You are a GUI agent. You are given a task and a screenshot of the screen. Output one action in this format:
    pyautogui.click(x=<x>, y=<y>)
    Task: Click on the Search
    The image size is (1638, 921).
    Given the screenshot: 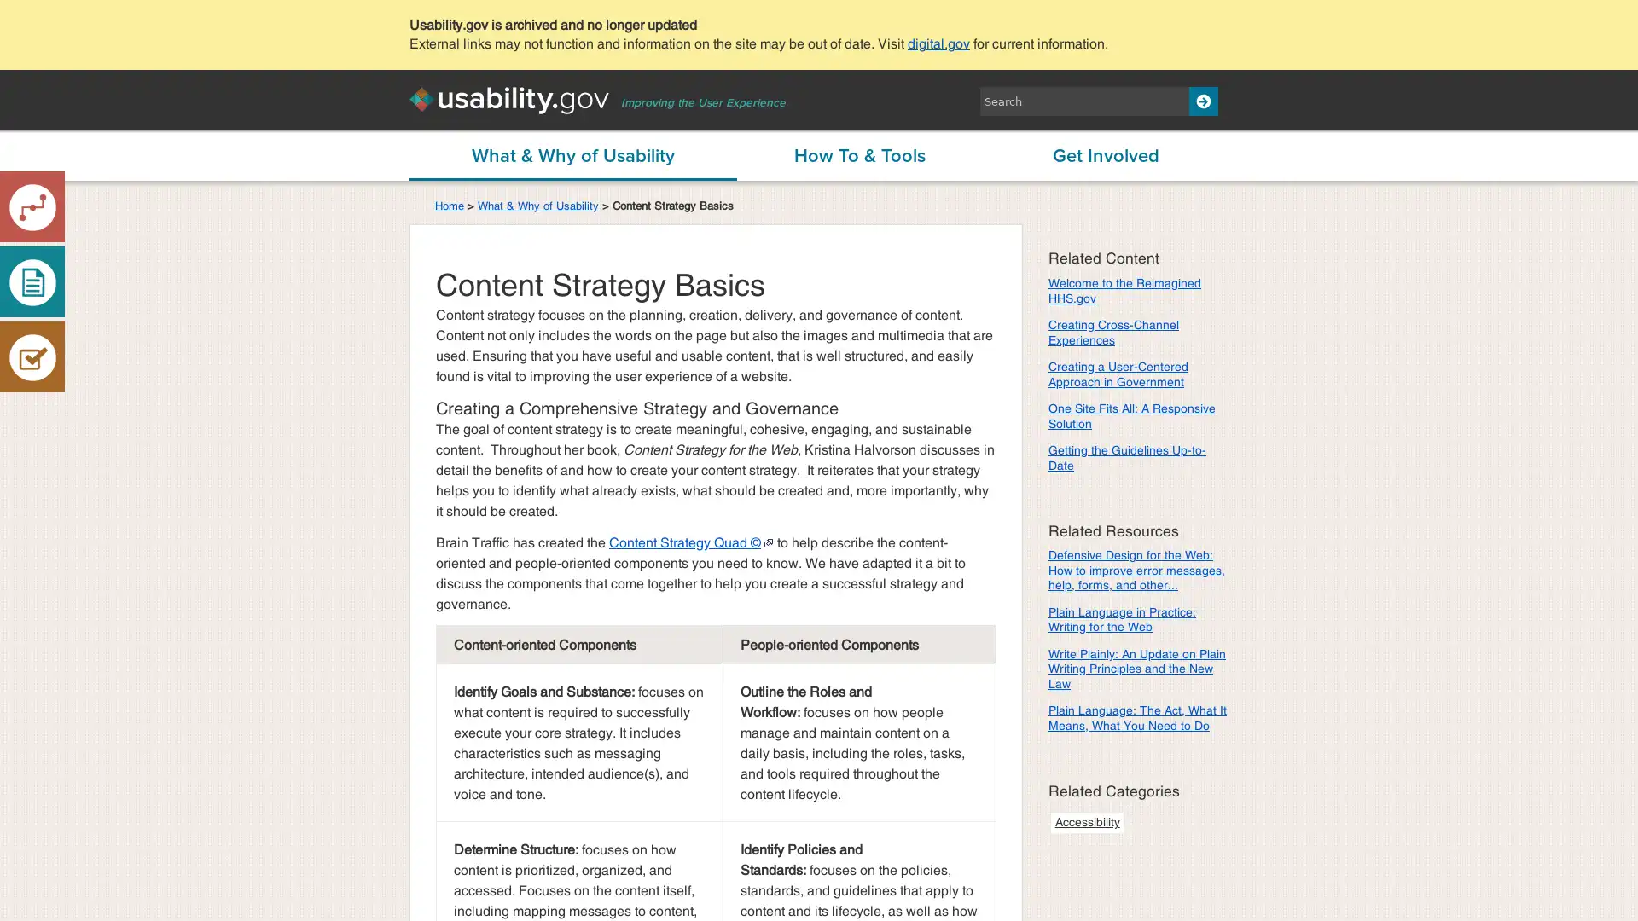 What is the action you would take?
    pyautogui.click(x=1203, y=101)
    